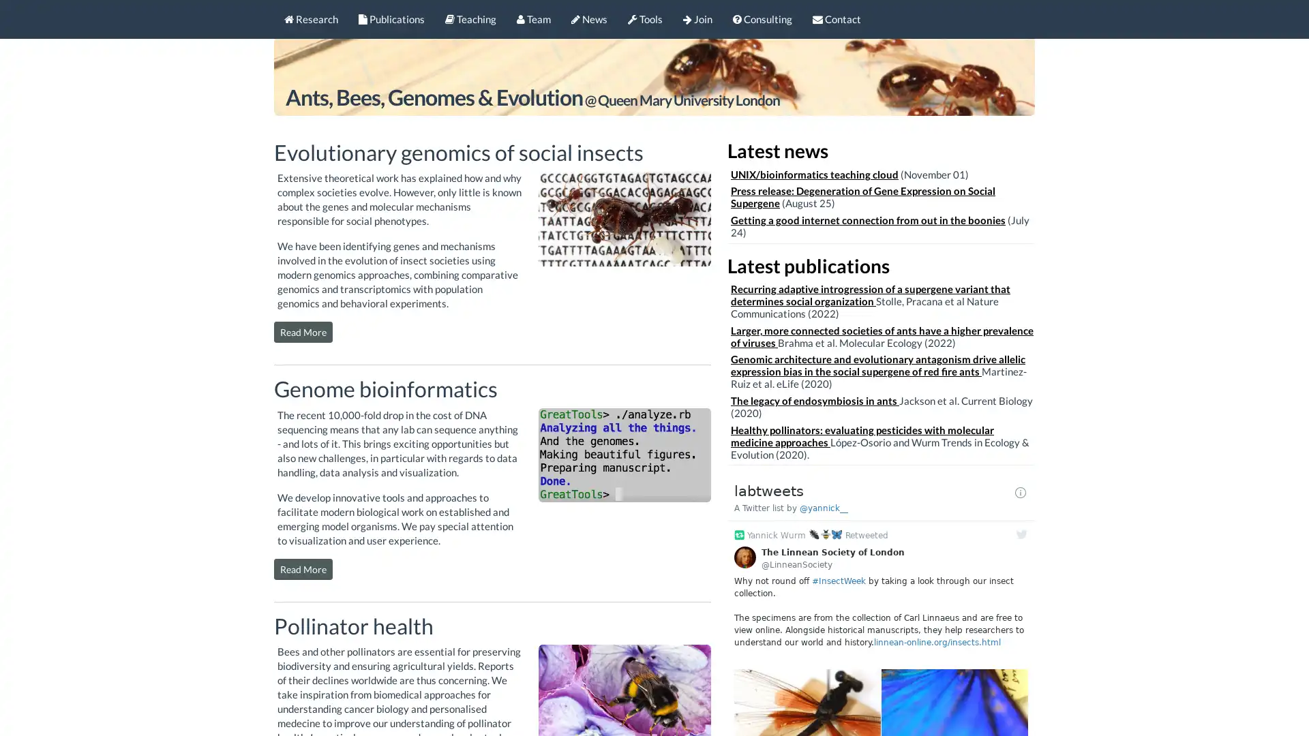 This screenshot has height=736, width=1309. I want to click on Read More, so click(303, 568).